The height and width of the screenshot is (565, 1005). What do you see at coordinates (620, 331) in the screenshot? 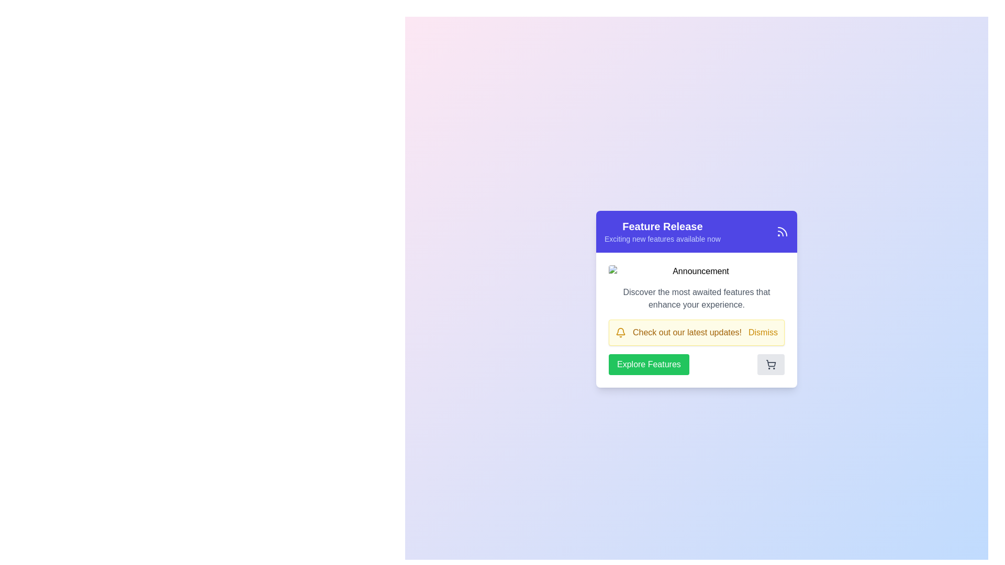
I see `the bell-shaped notification indicator located at the top right corner of the feature release card` at bounding box center [620, 331].